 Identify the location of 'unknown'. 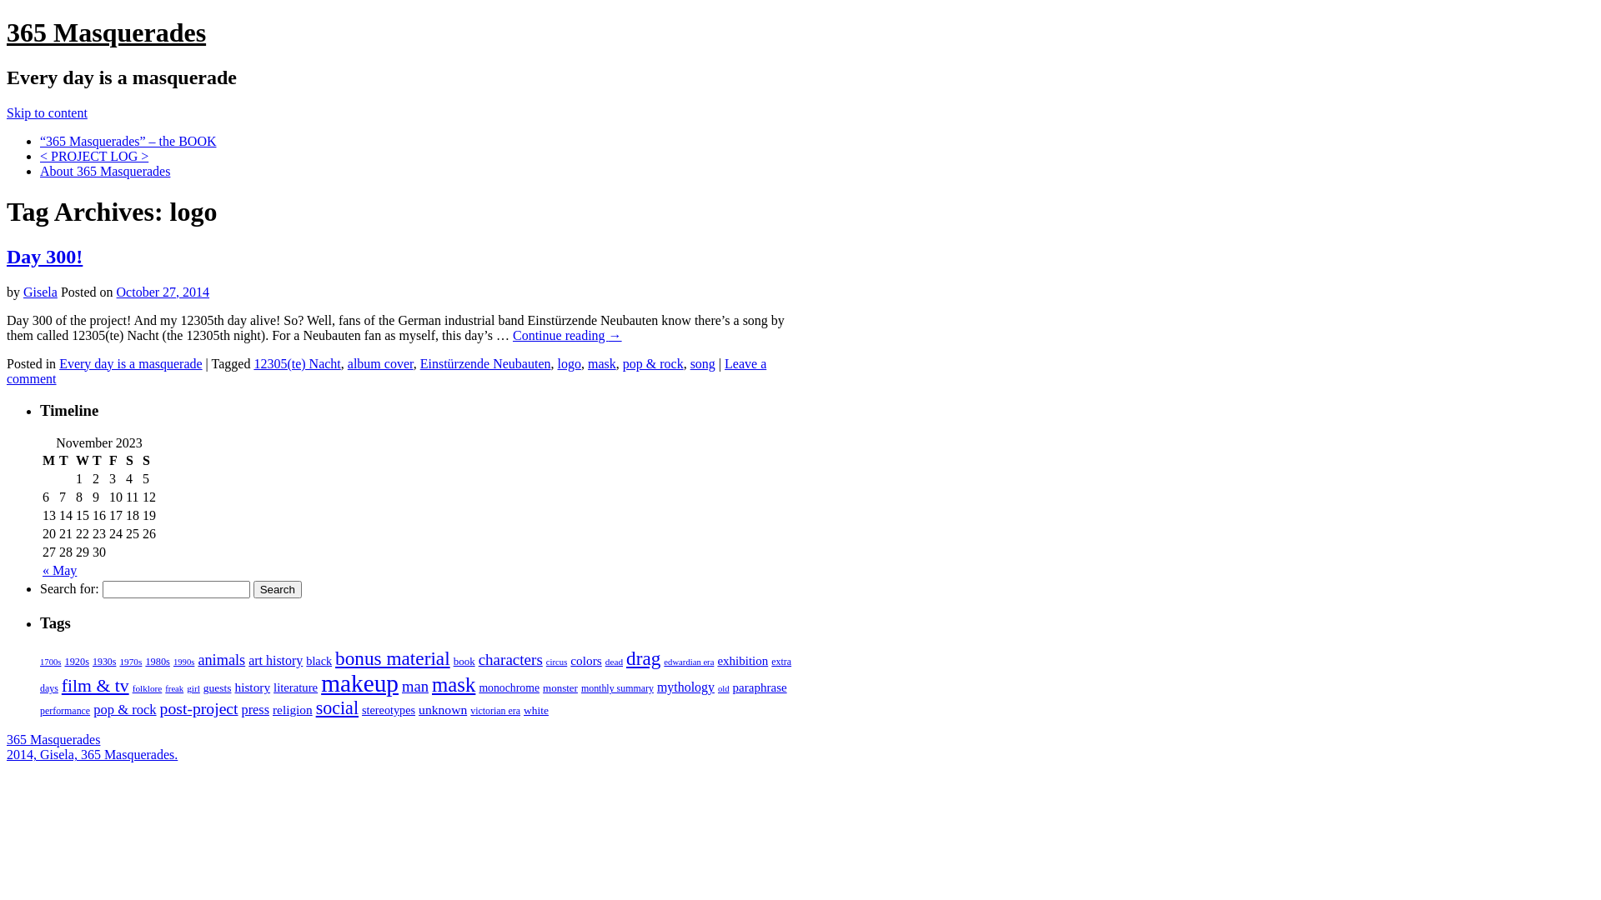
(443, 709).